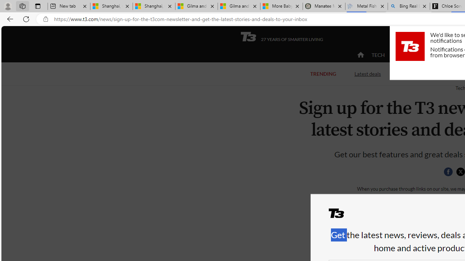 The image size is (465, 261). Describe the element at coordinates (239, 6) in the screenshot. I see `'Gilma and Hector both pose tropical trouble for Hawaii'` at that location.